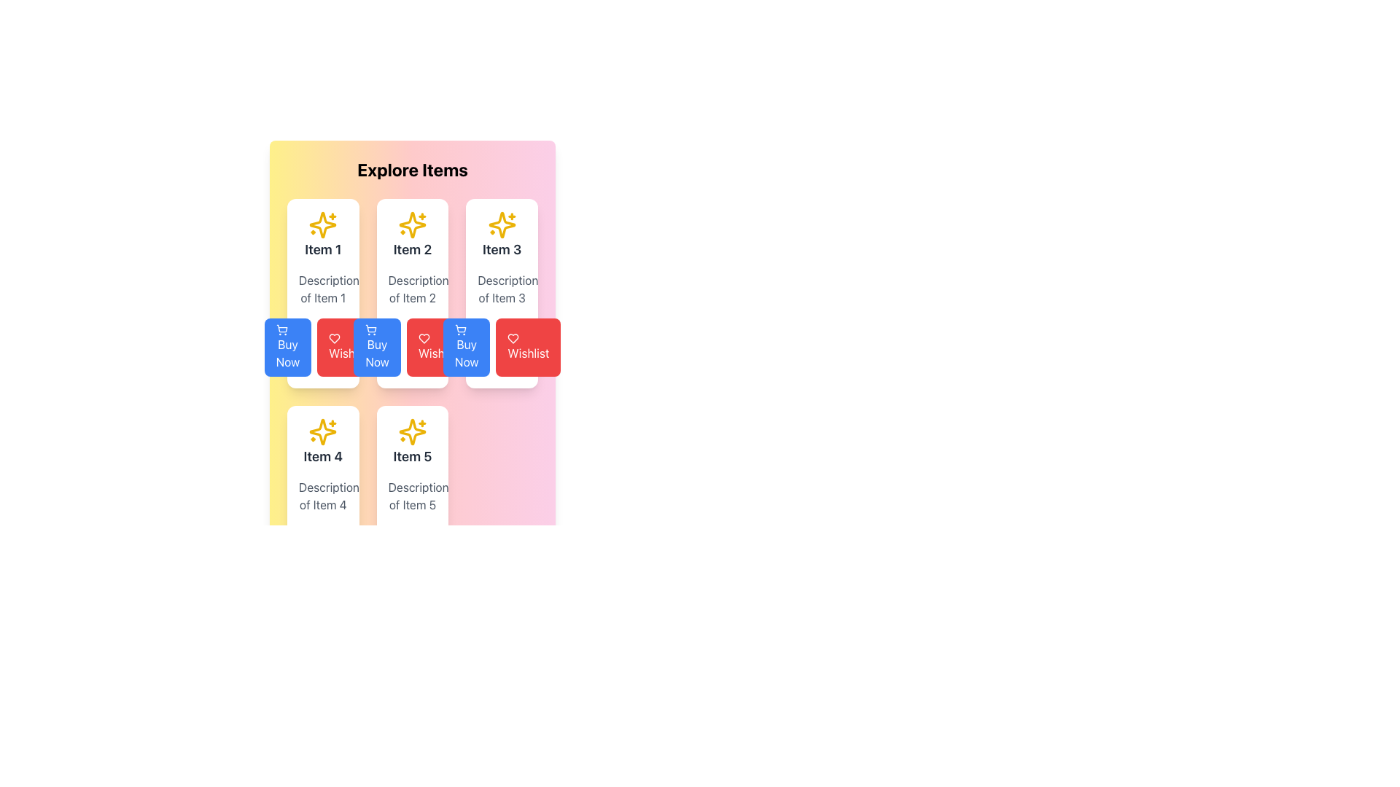  I want to click on the decorative icon located in the top-left card labeled 'Item 1' in the grid, which symbolizes a featured or special status for the item, so click(322, 224).